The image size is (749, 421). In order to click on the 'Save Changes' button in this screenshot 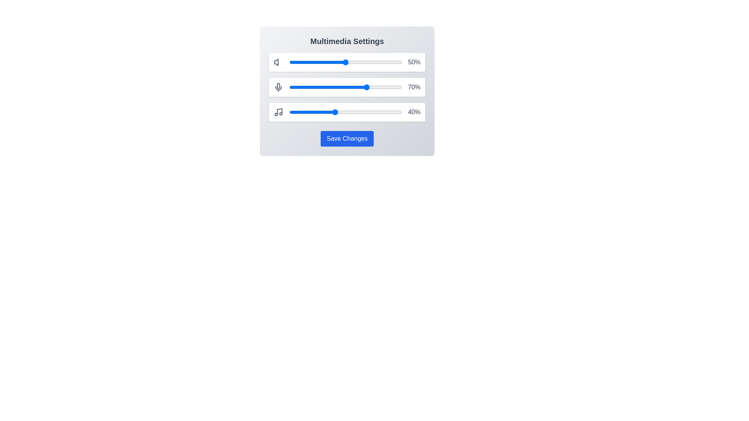, I will do `click(346, 138)`.